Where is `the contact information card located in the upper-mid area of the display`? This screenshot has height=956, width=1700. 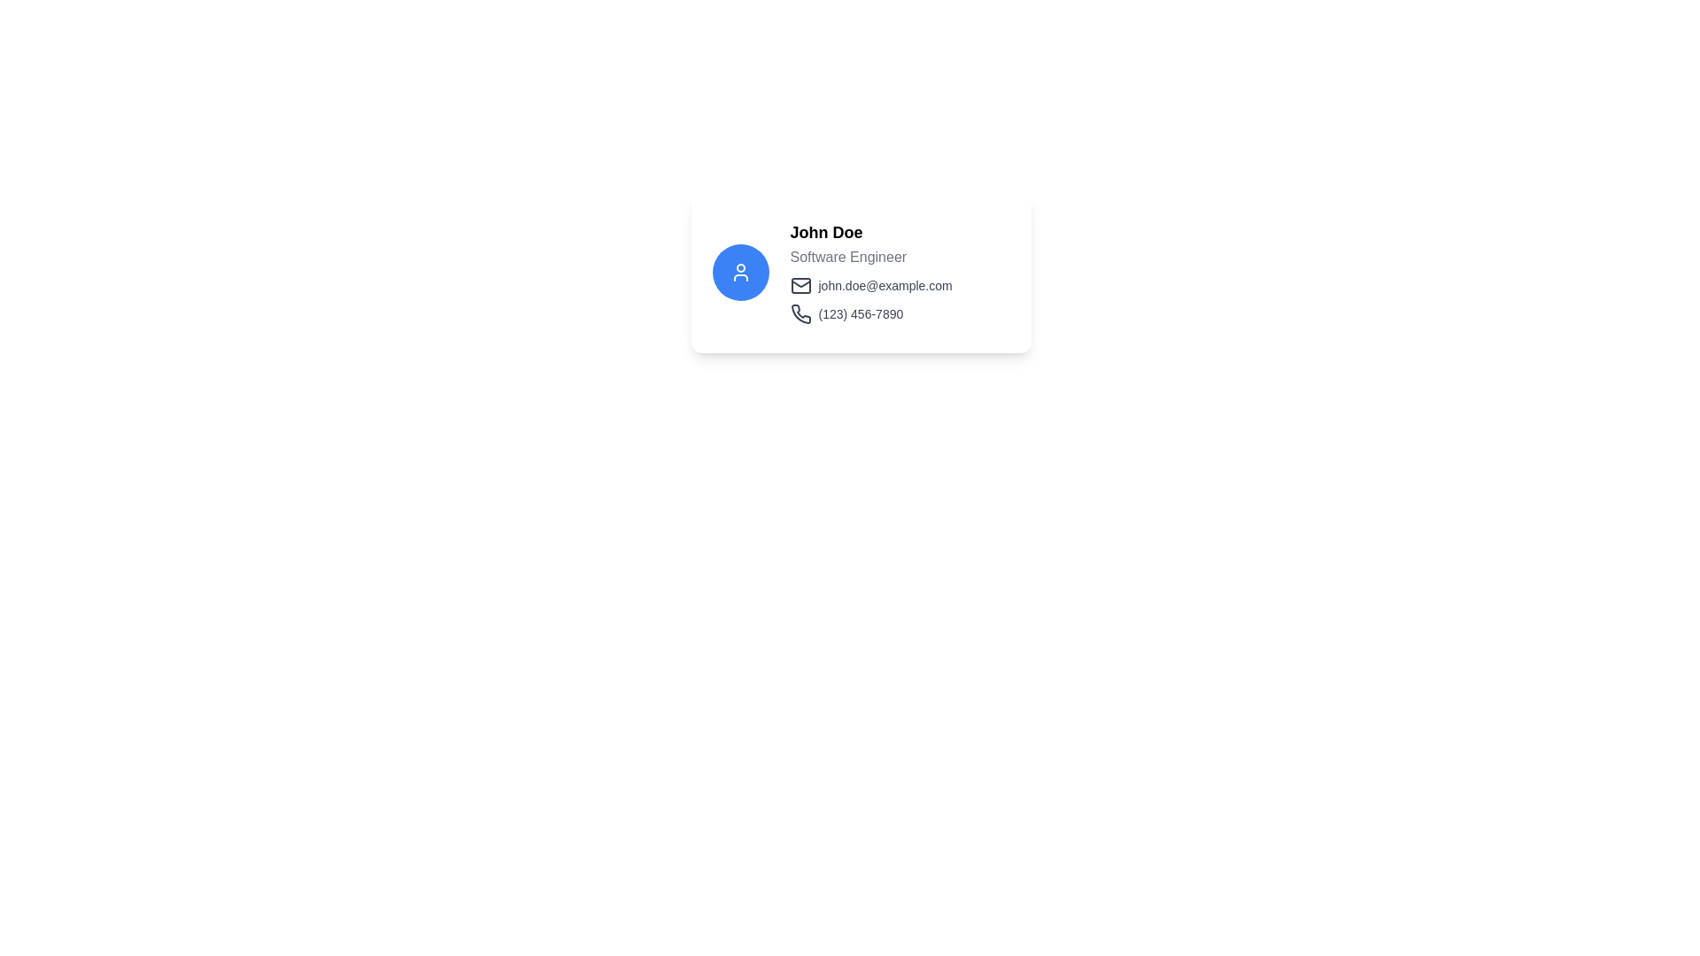
the contact information card located in the upper-mid area of the display is located at coordinates (861, 273).